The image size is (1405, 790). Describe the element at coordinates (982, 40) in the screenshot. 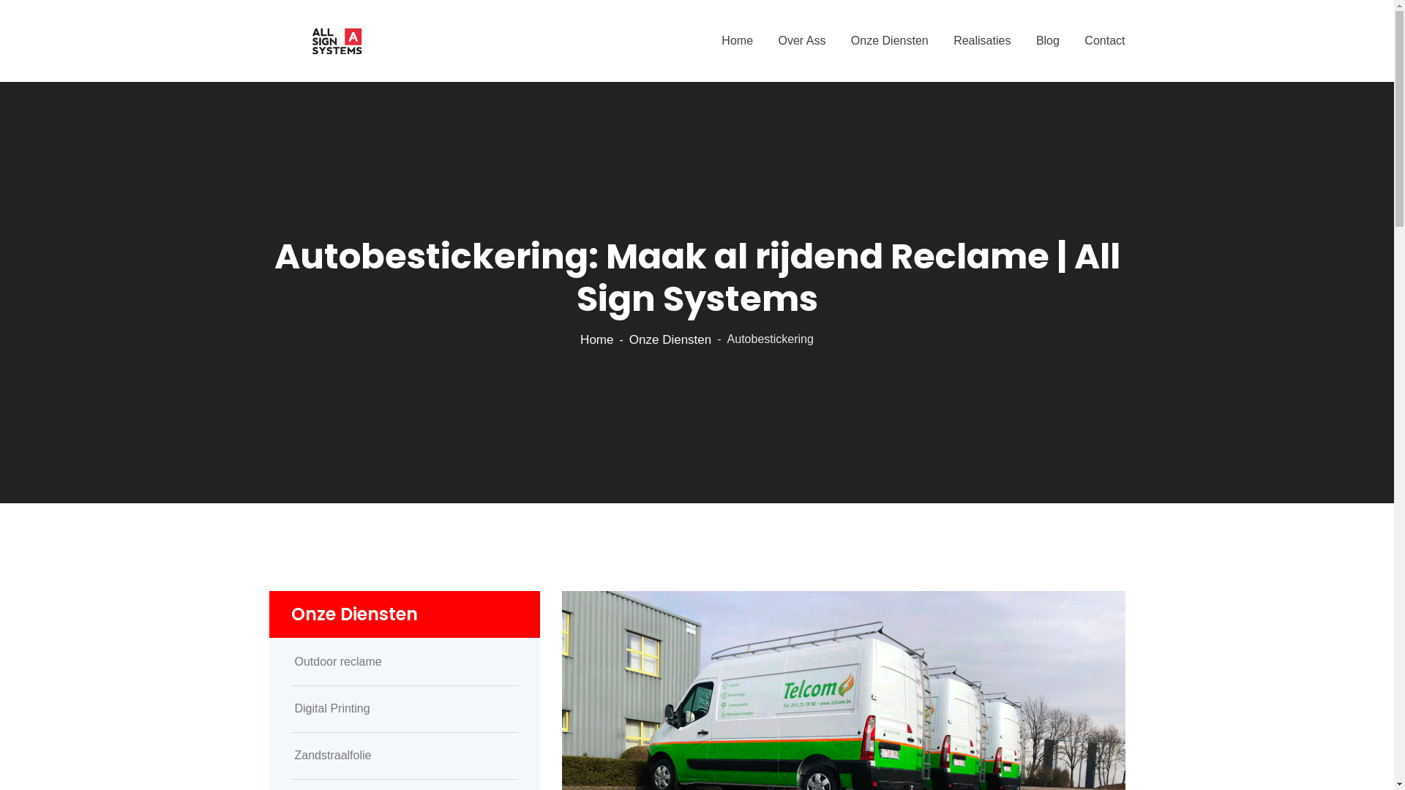

I see `'Realisaties'` at that location.